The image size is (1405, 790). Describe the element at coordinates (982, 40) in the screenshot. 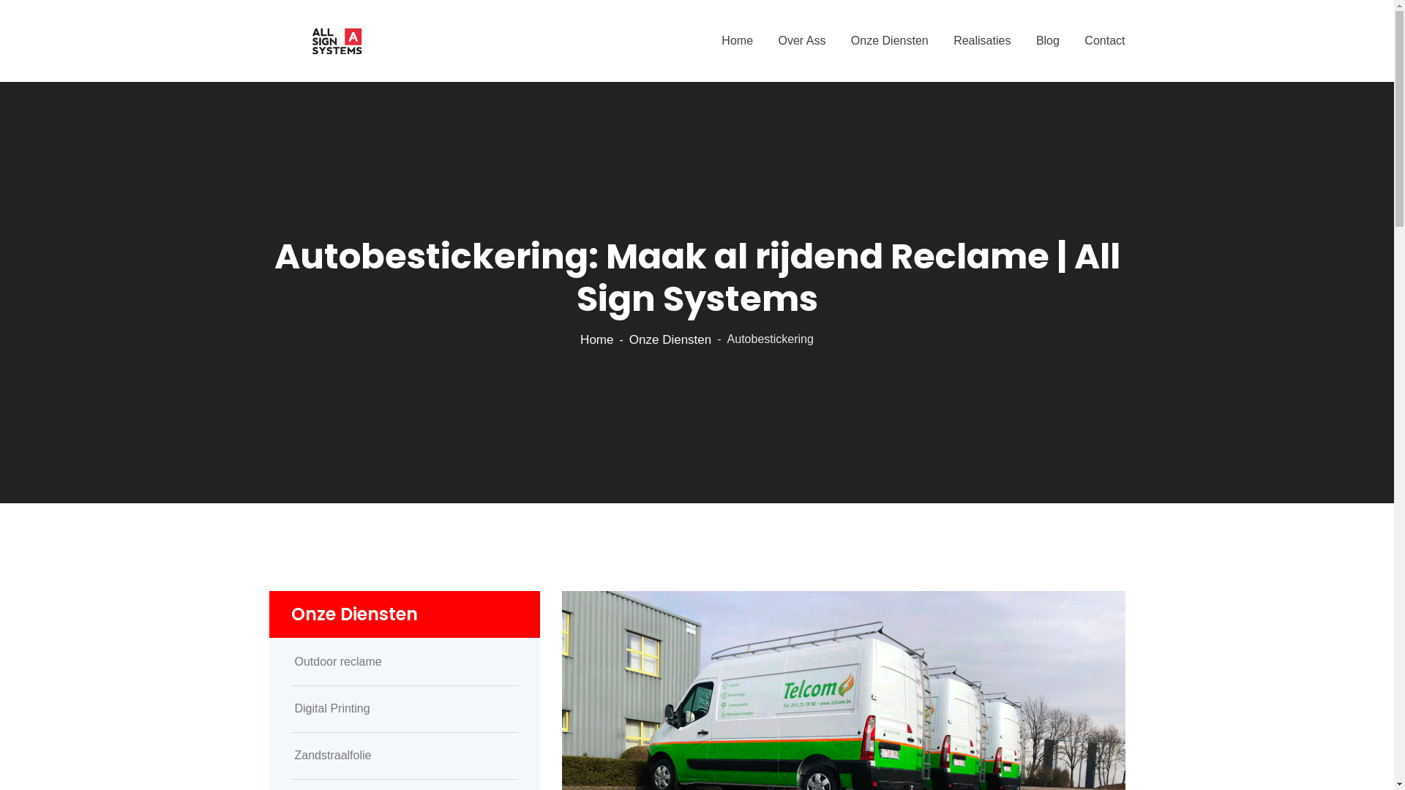

I see `'Realisaties'` at that location.